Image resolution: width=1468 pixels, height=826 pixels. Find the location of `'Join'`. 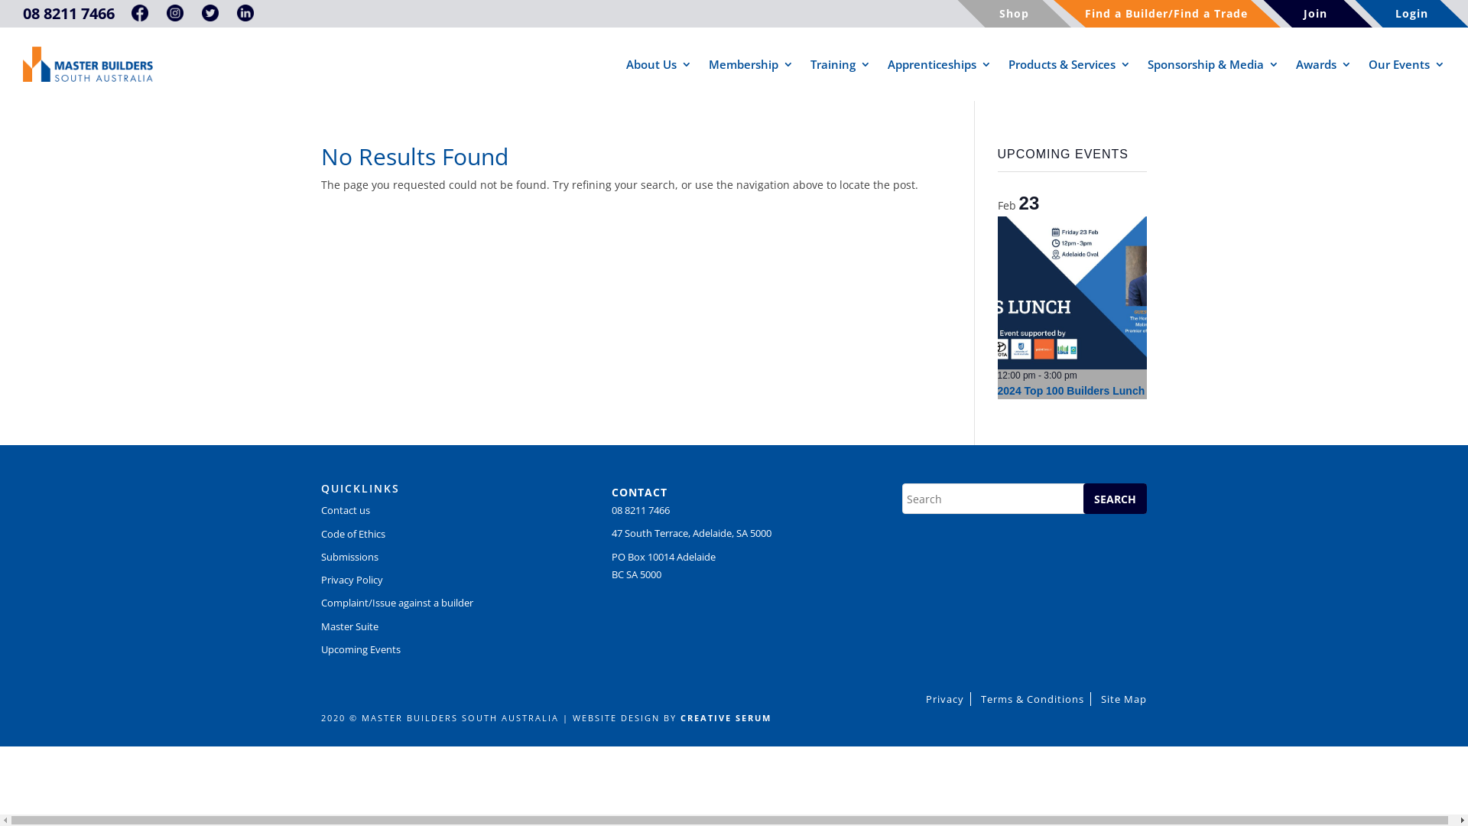

'Join' is located at coordinates (1314, 14).